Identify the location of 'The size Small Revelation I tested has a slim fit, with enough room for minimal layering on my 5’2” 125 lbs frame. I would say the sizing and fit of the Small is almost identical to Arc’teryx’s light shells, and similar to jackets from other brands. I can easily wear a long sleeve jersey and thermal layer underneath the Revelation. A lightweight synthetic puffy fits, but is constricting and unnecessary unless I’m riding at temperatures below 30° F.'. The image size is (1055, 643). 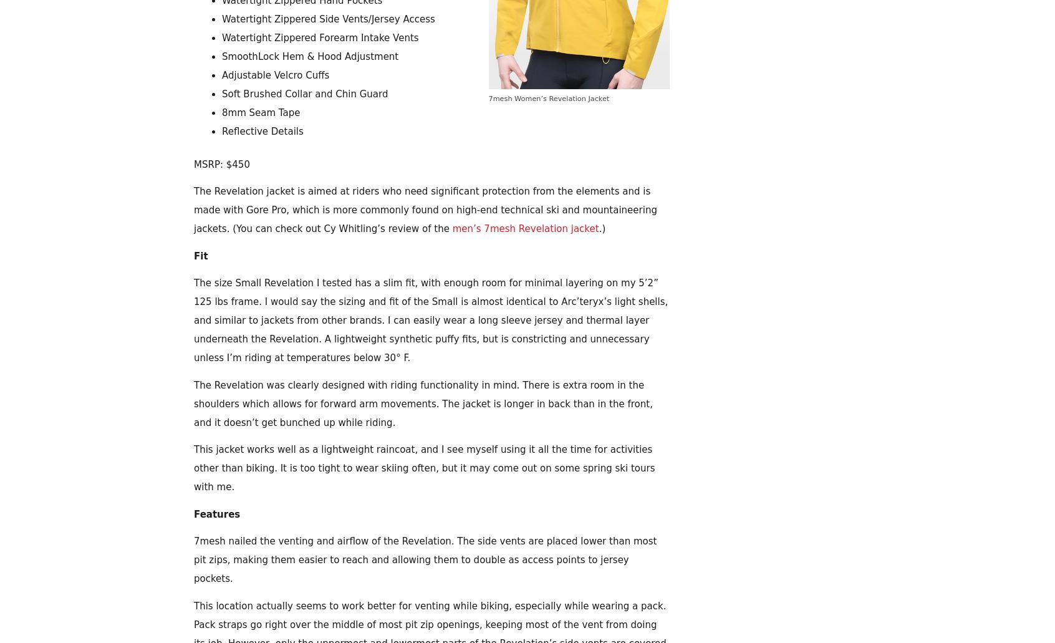
(431, 320).